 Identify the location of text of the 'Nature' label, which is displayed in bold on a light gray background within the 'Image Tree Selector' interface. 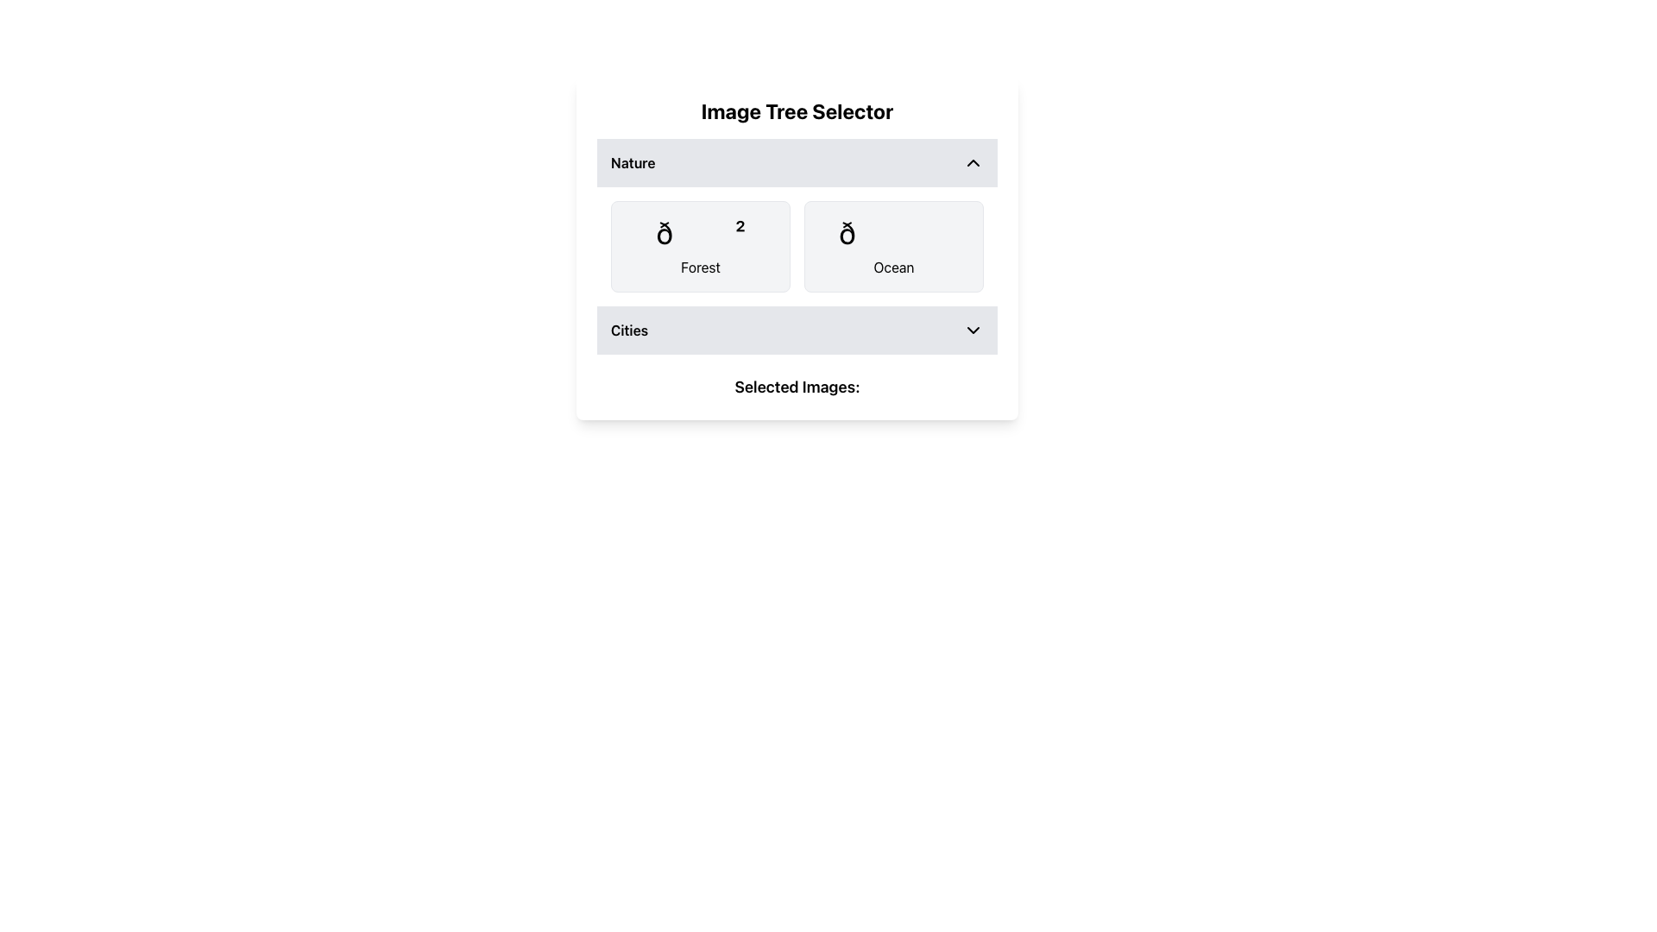
(632, 163).